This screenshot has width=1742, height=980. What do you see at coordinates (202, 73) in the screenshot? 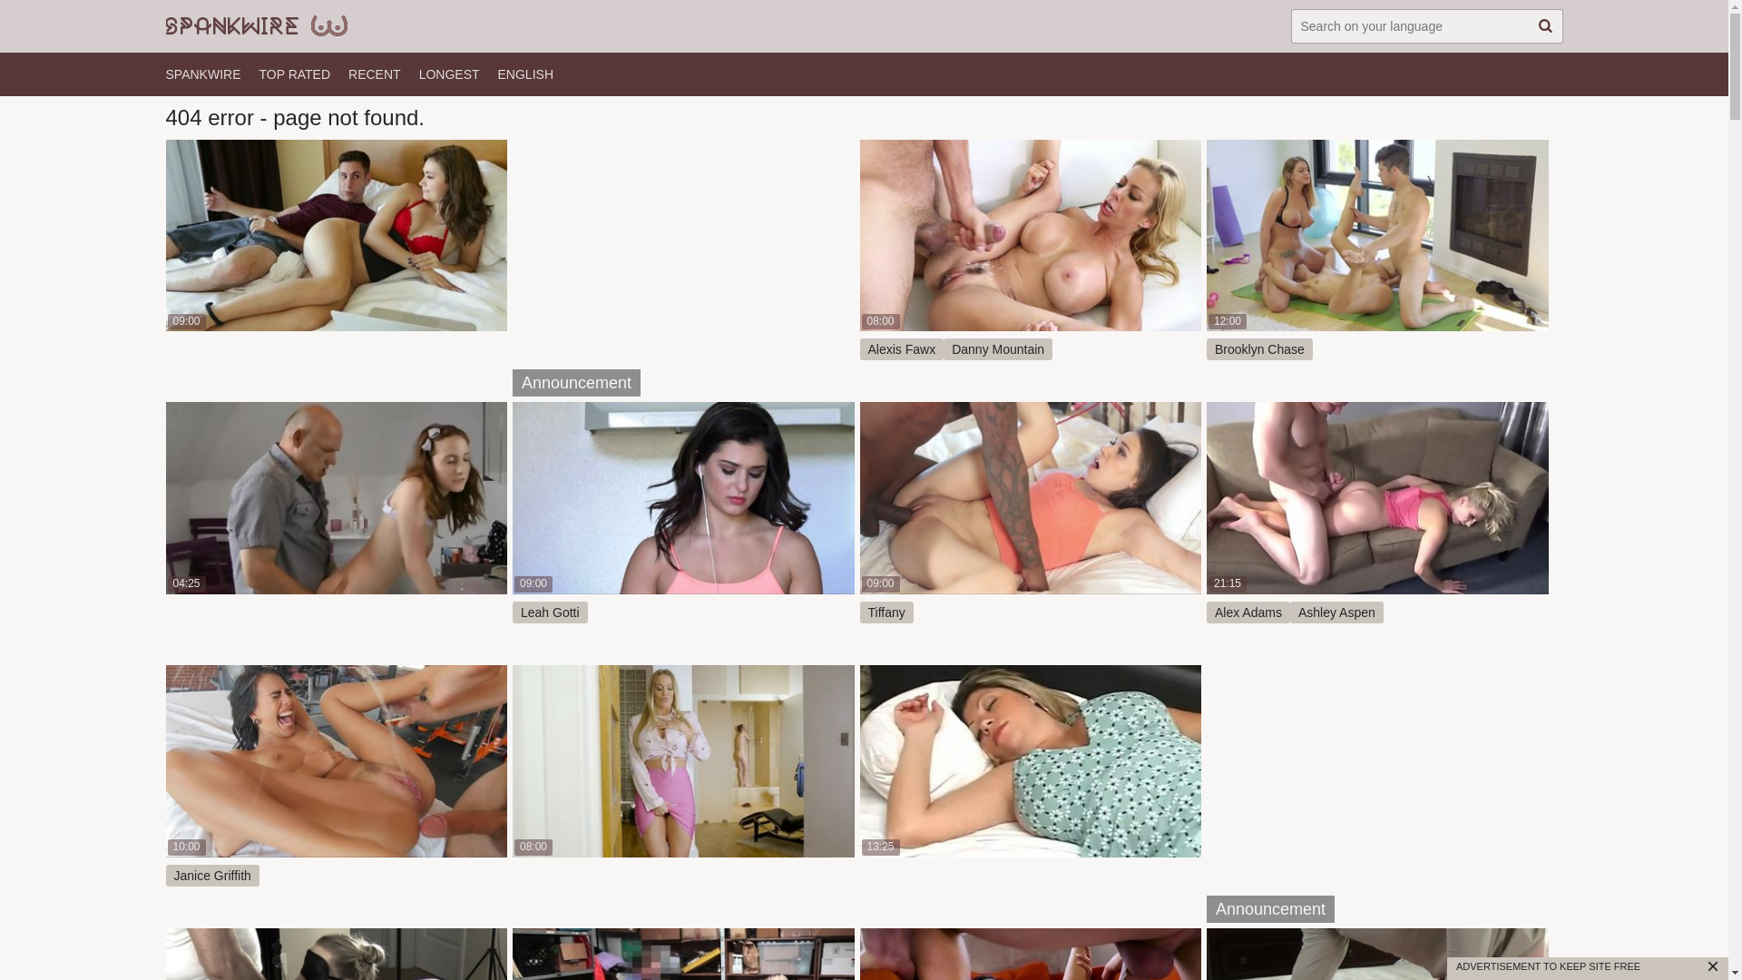
I see `'SPANKWIRE'` at bounding box center [202, 73].